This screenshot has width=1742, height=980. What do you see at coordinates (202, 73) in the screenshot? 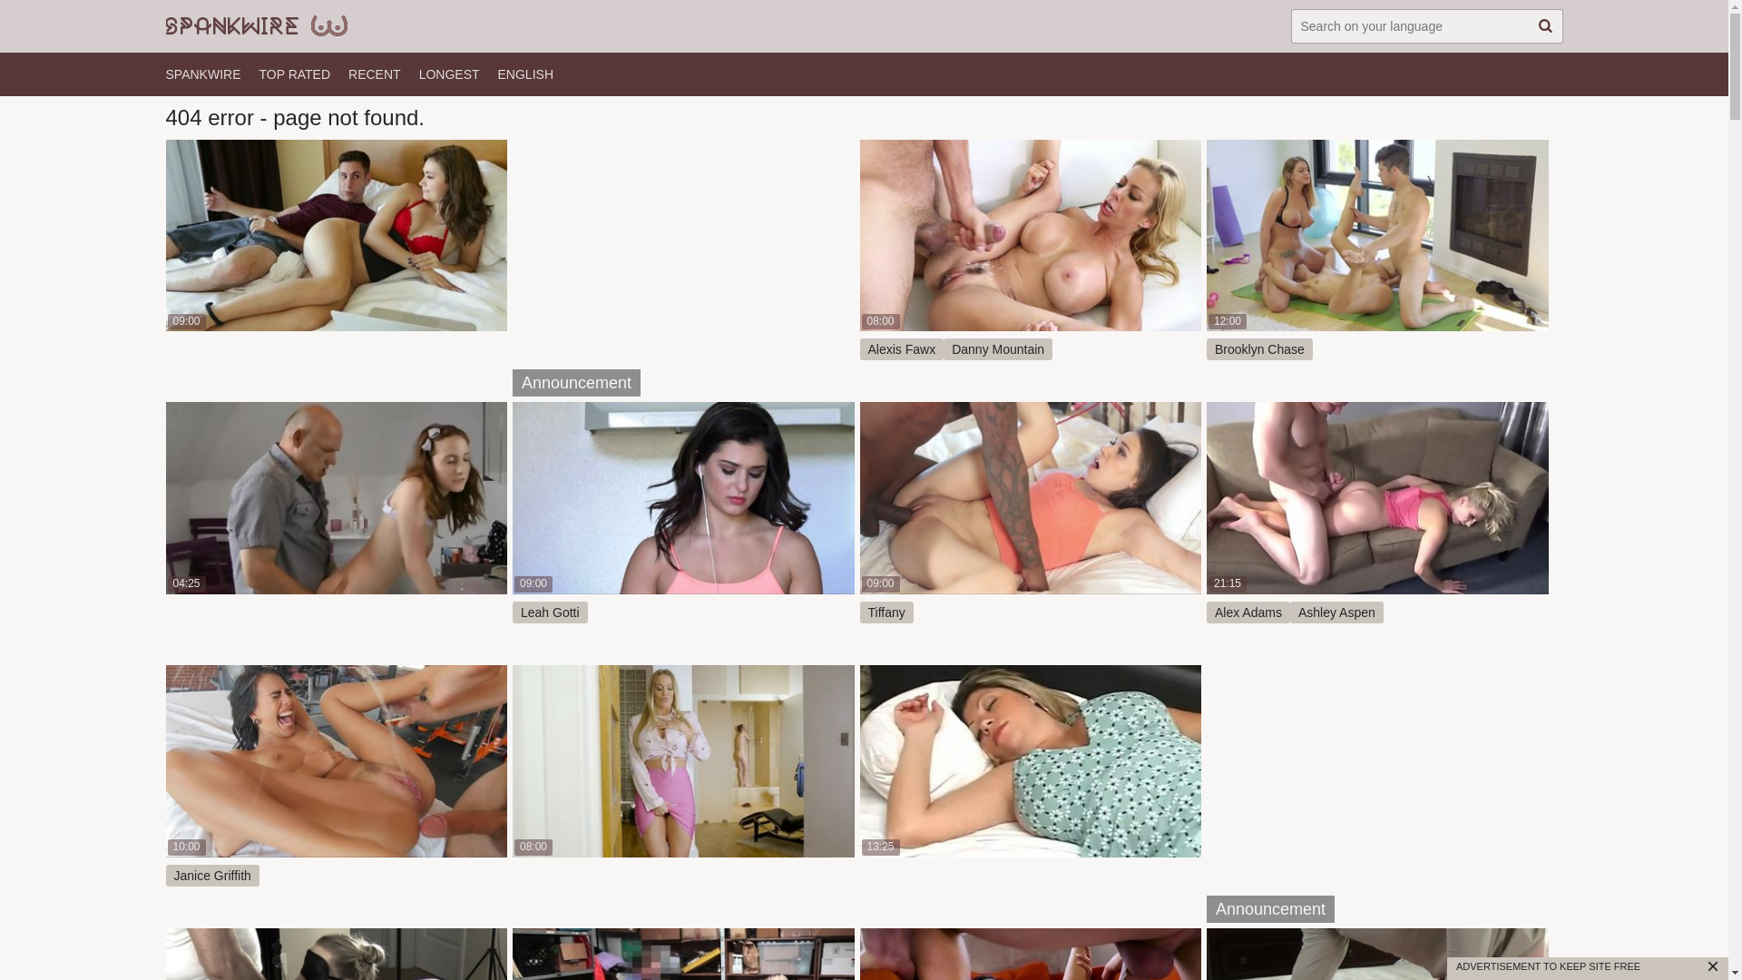
I see `'SPANKWIRE'` at bounding box center [202, 73].